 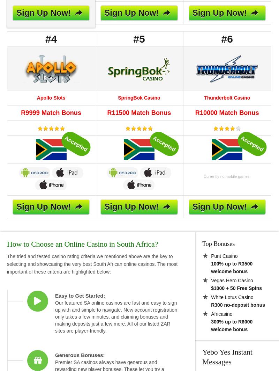 What do you see at coordinates (21, 112) in the screenshot?
I see `'R9999 Match Bonus'` at bounding box center [21, 112].